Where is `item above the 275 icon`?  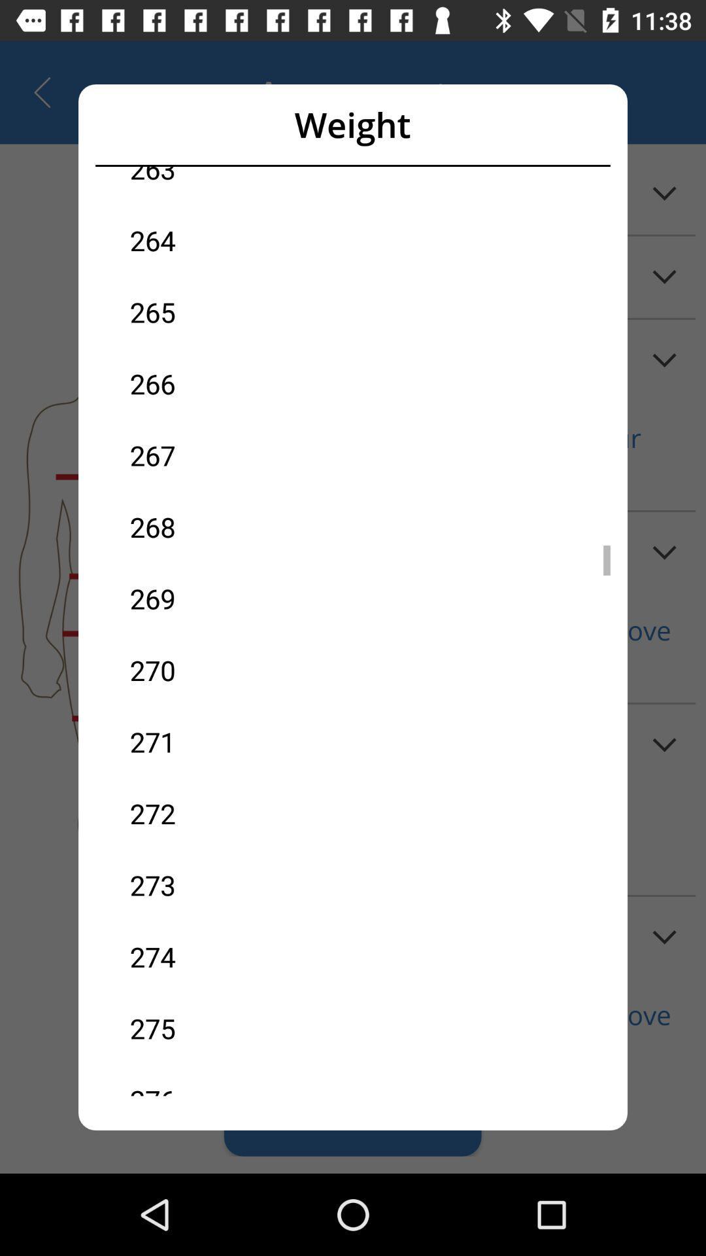 item above the 275 icon is located at coordinates (241, 956).